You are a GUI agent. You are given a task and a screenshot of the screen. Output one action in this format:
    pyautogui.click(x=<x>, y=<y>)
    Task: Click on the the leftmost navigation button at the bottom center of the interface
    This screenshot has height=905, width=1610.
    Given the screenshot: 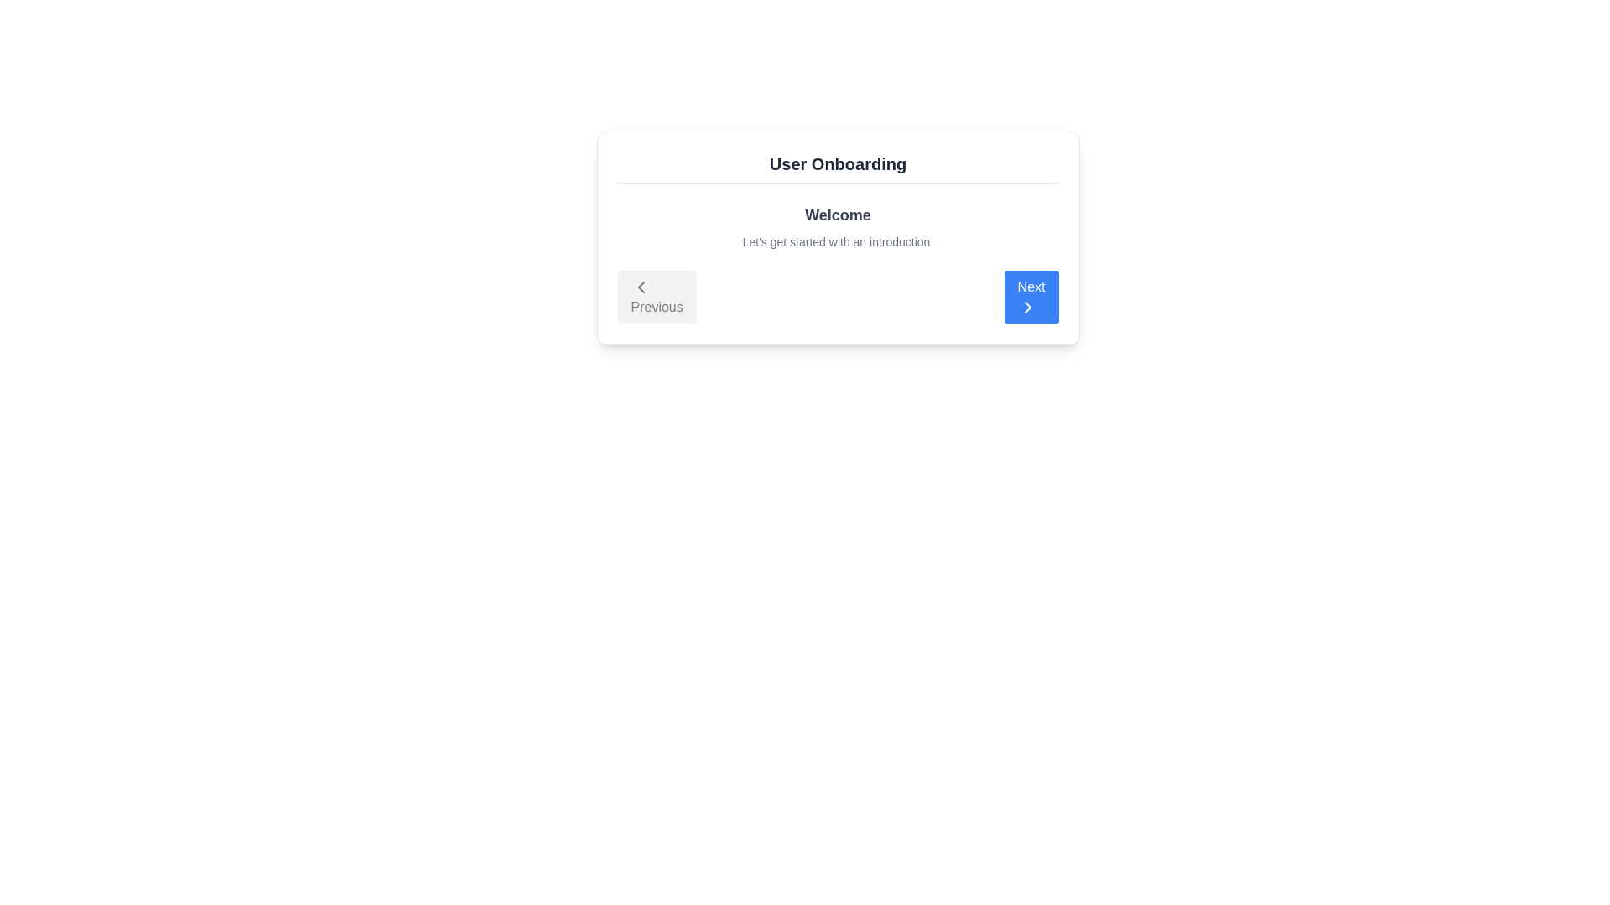 What is the action you would take?
    pyautogui.click(x=656, y=296)
    